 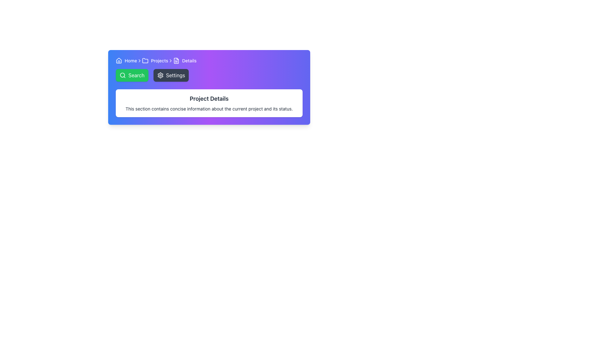 I want to click on the Chevron icon located in the breadcrumb navigation bar to interact with it, so click(x=171, y=61).